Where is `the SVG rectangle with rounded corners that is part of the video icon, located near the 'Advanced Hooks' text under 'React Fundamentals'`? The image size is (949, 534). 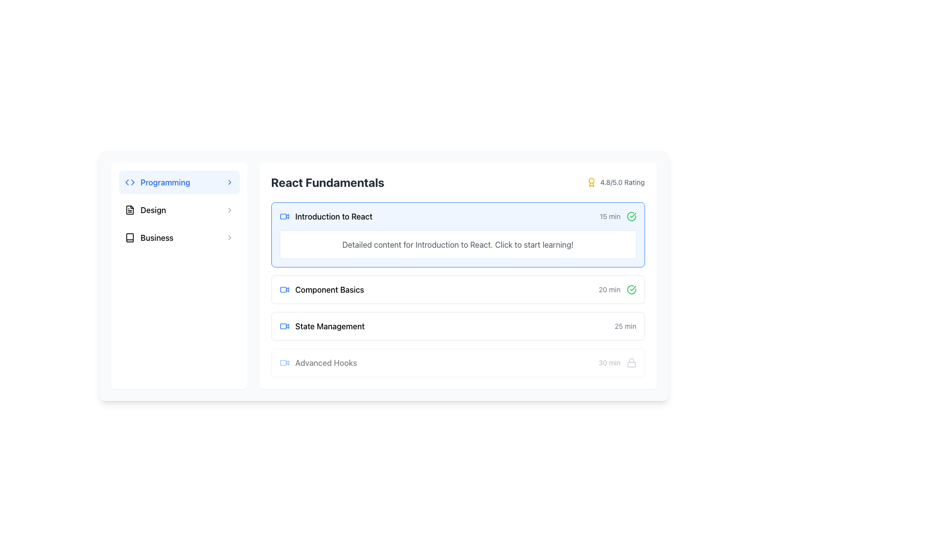
the SVG rectangle with rounded corners that is part of the video icon, located near the 'Advanced Hooks' text under 'React Fundamentals' is located at coordinates (282, 362).